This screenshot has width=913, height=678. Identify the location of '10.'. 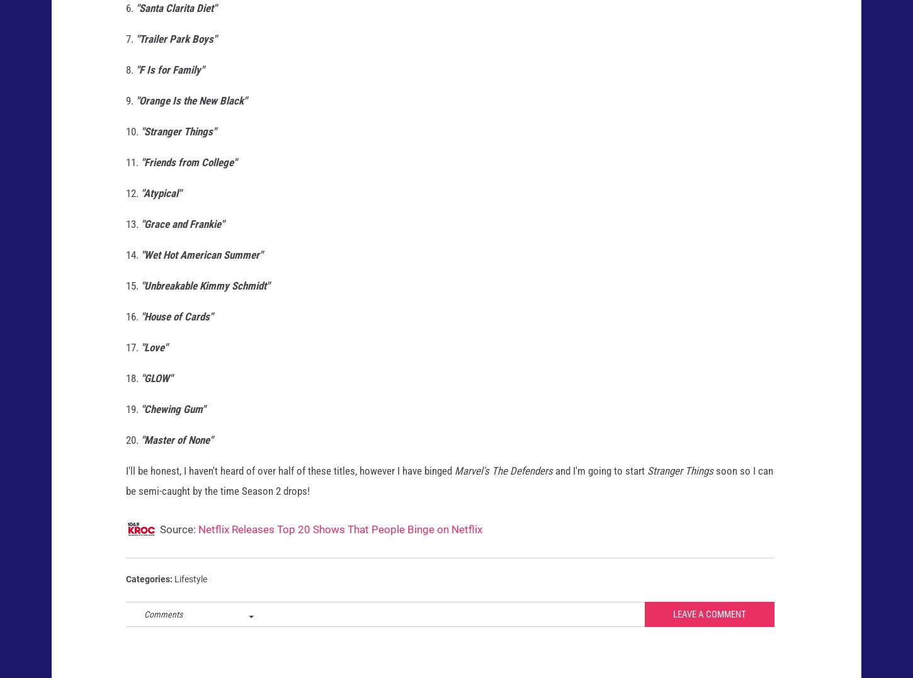
(125, 143).